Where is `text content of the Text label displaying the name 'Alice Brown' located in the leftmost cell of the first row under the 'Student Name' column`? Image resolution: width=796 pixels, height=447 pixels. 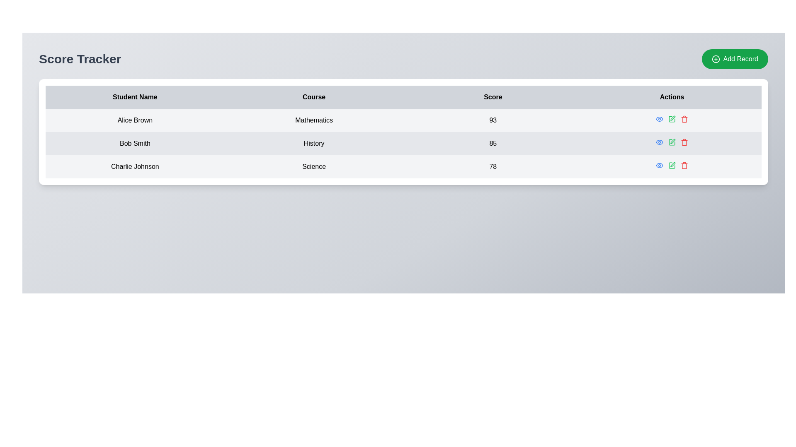 text content of the Text label displaying the name 'Alice Brown' located in the leftmost cell of the first row under the 'Student Name' column is located at coordinates (135, 120).